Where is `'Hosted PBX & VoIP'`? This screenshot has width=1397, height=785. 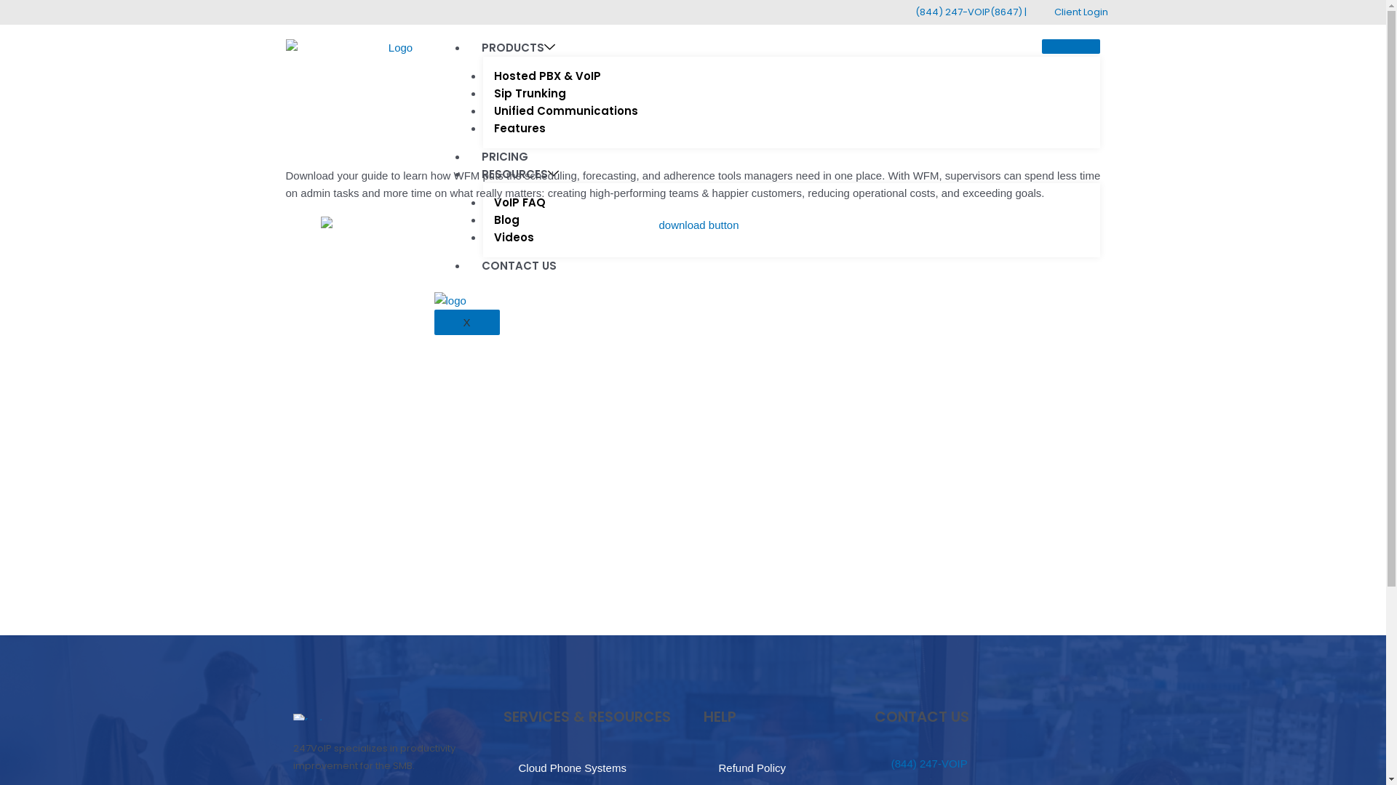 'Hosted PBX & VoIP' is located at coordinates (546, 76).